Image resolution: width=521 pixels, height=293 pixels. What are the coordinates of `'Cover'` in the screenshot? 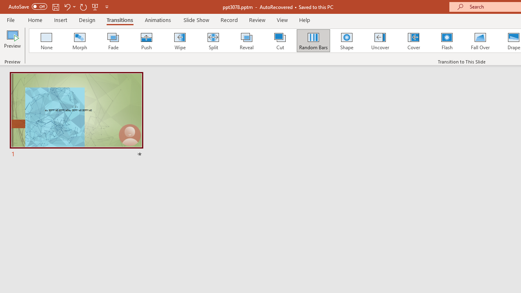 It's located at (414, 41).